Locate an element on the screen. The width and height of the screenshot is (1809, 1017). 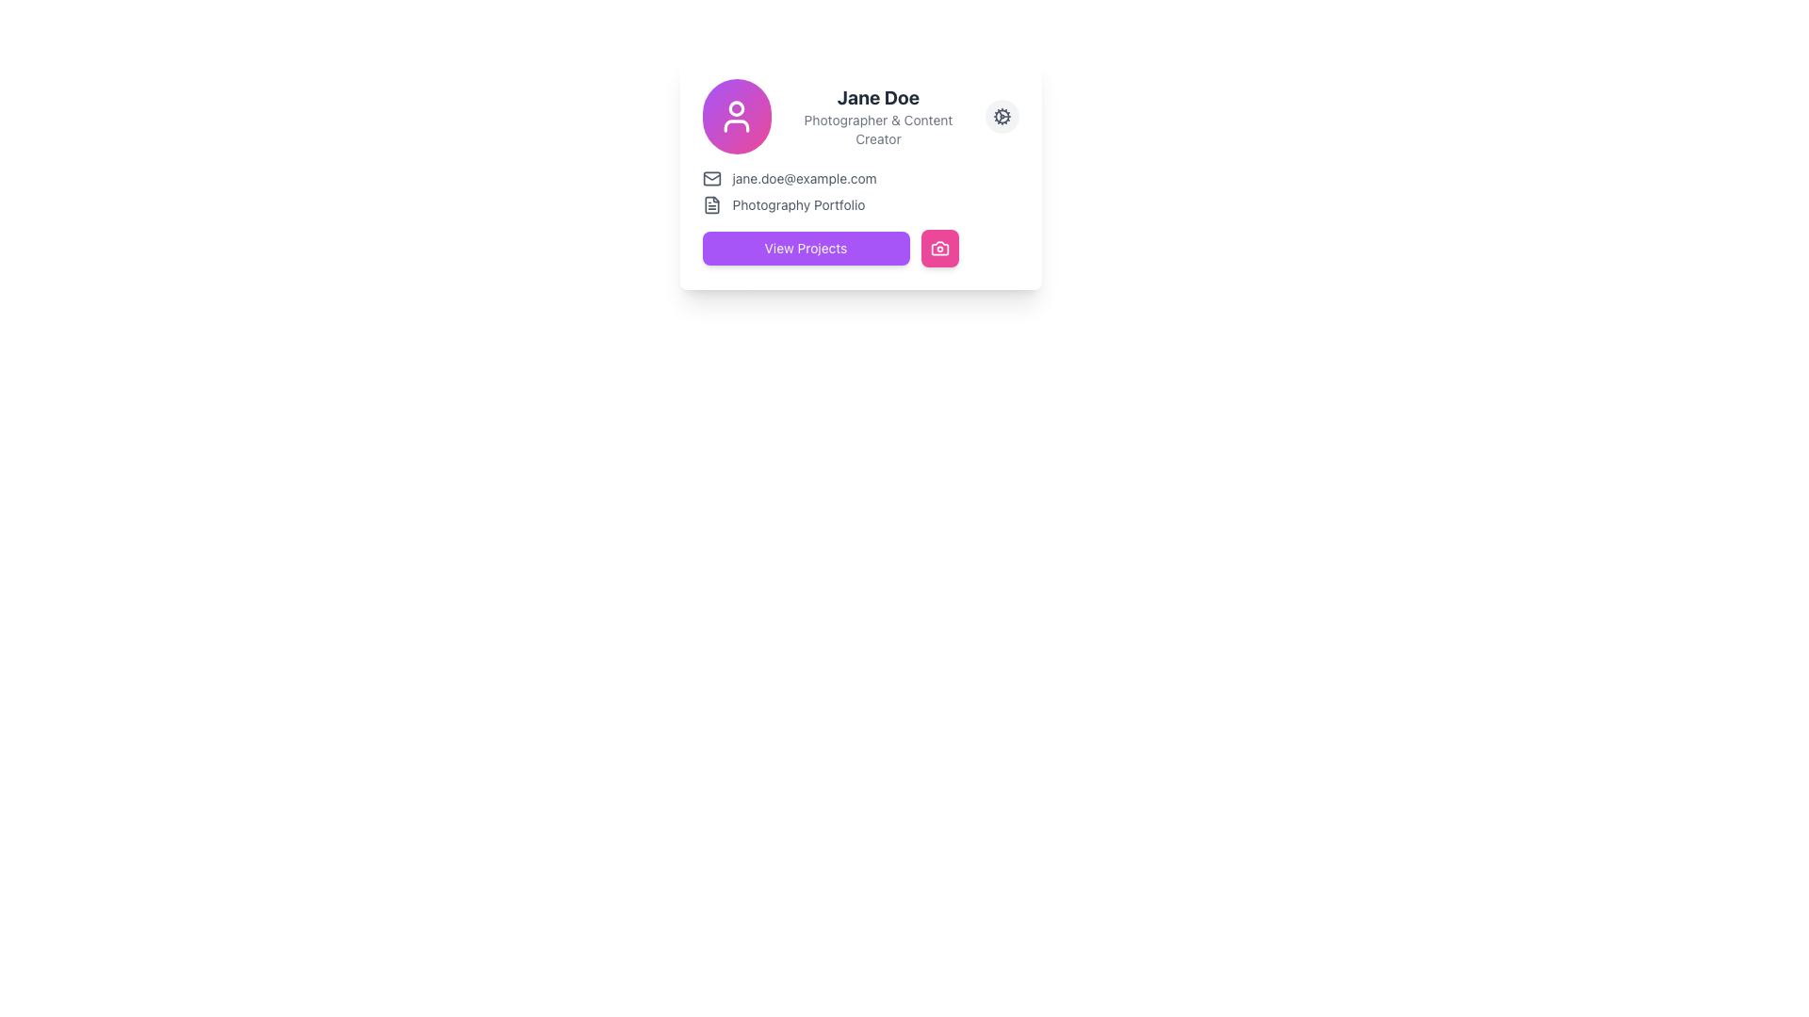
the mail icon is located at coordinates (710, 178).